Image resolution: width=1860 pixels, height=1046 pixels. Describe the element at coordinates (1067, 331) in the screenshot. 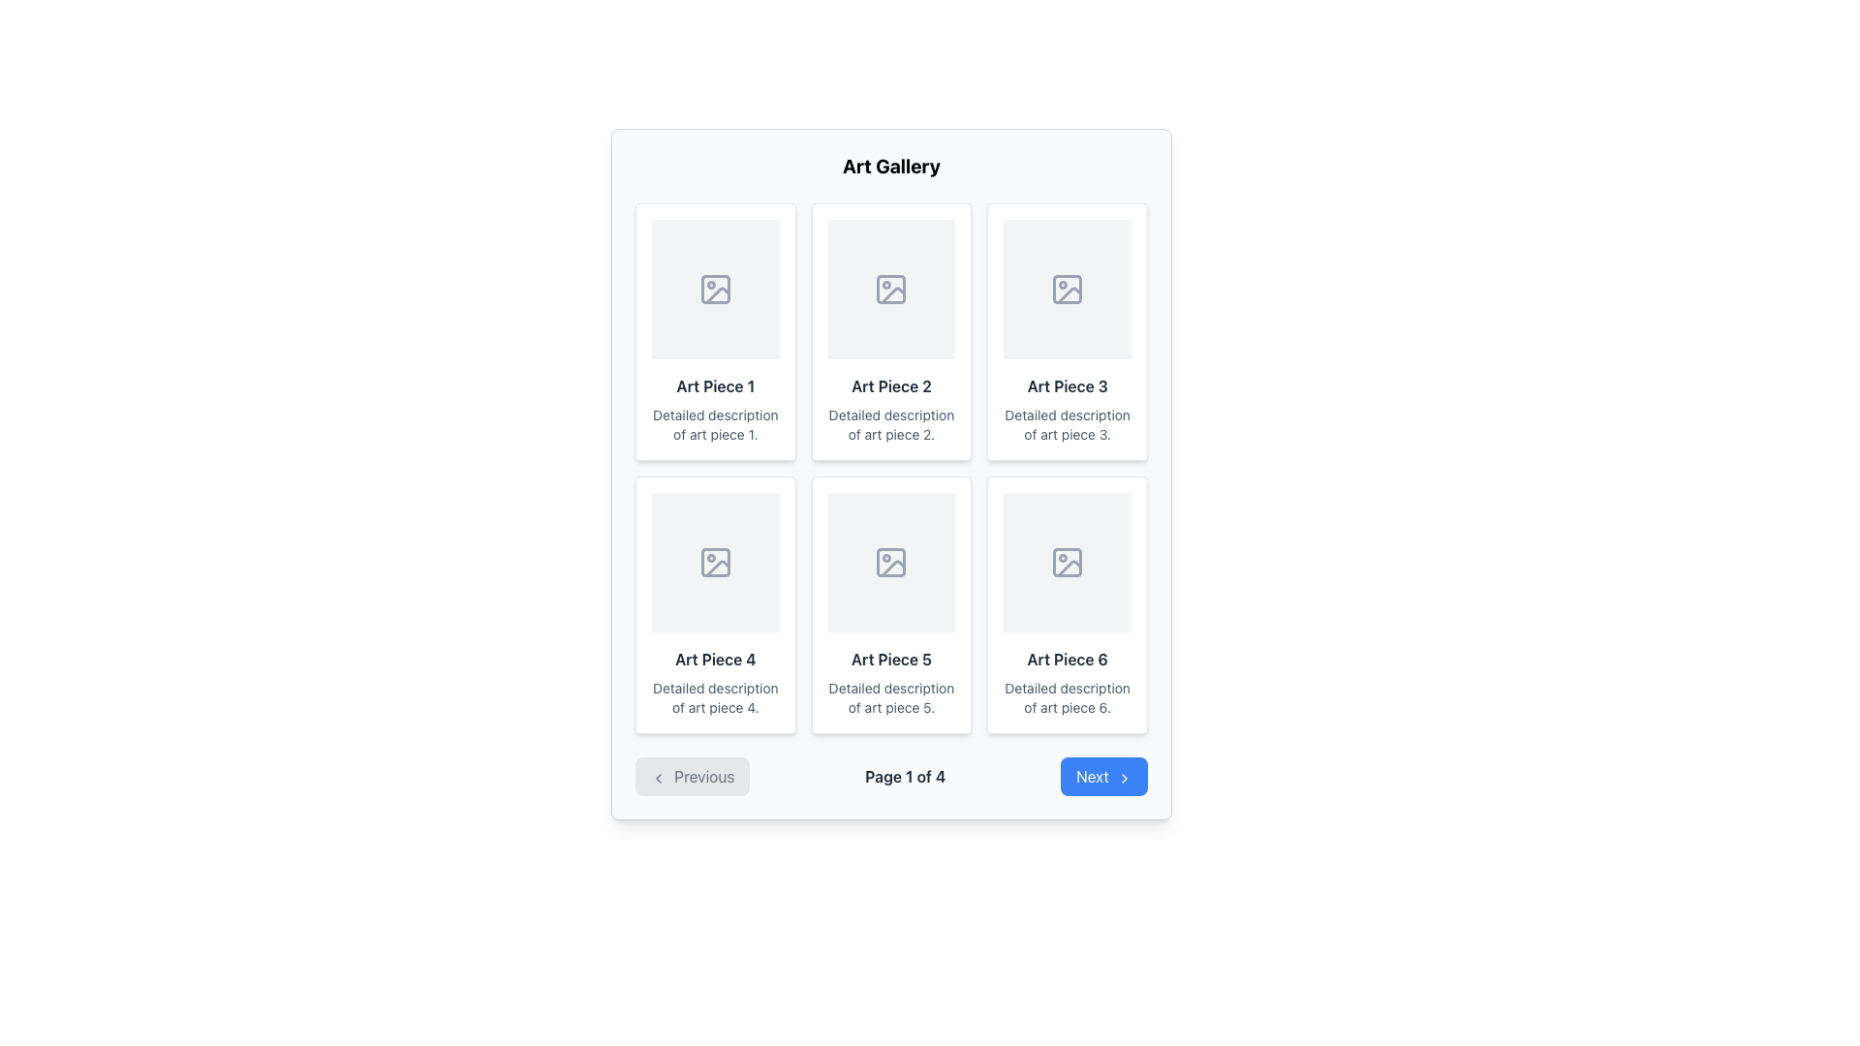

I see `displayed details of the art piece on the third card in the Art Gallery section, which provides an overview of the title and description` at that location.